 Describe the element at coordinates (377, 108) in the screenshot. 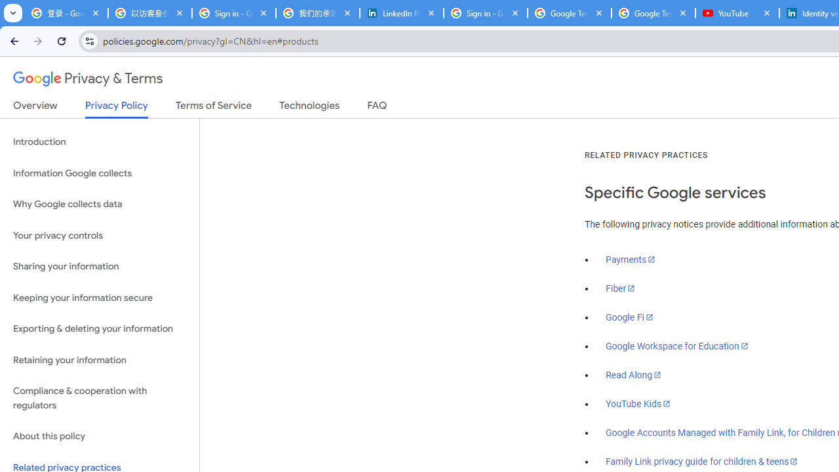

I see `'FAQ'` at that location.